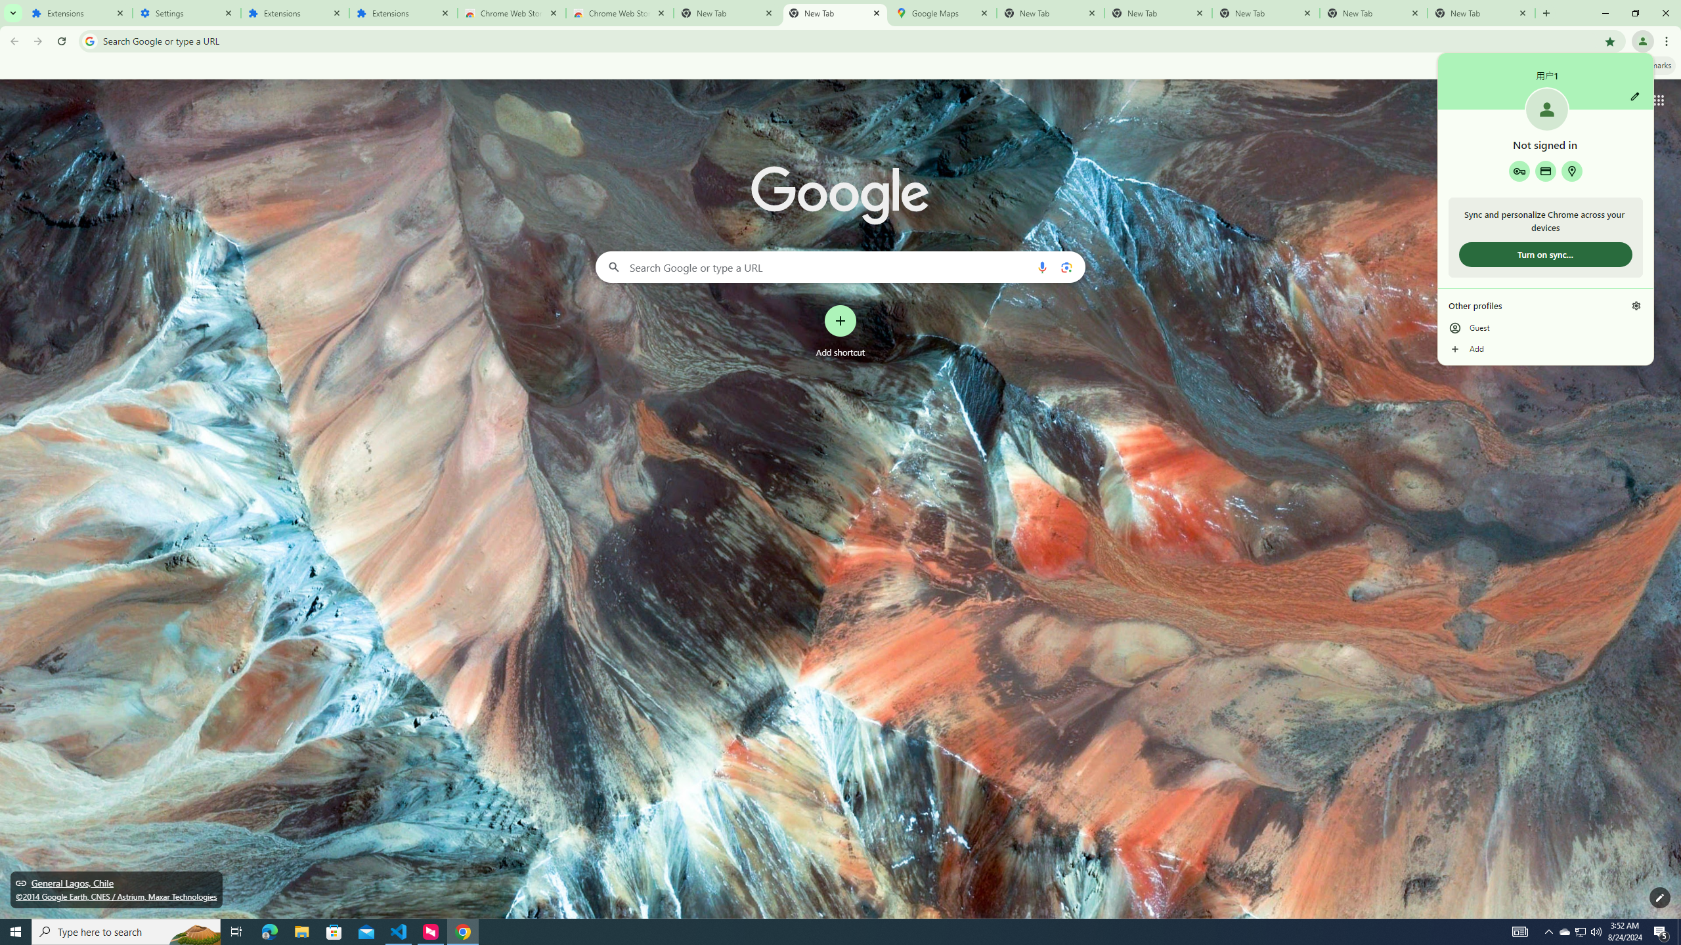 The image size is (1681, 945). Describe the element at coordinates (1041, 266) in the screenshot. I see `'Search by voice'` at that location.